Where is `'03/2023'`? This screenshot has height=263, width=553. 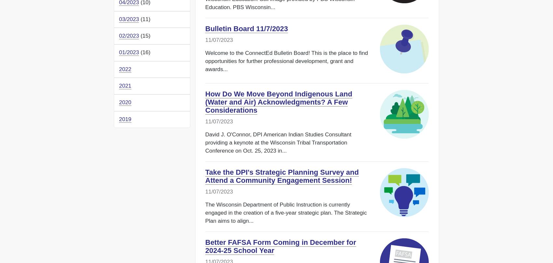 '03/2023' is located at coordinates (128, 19).